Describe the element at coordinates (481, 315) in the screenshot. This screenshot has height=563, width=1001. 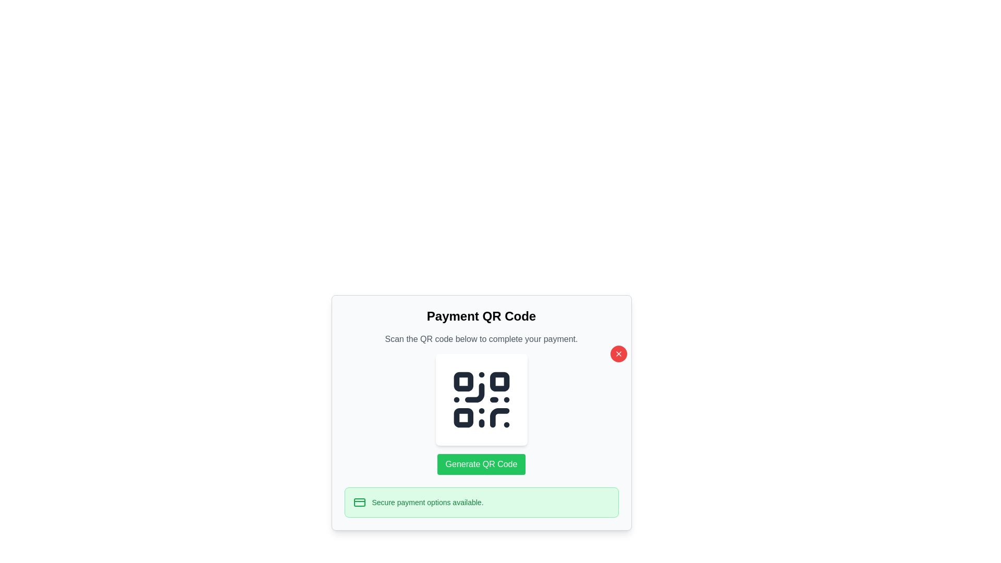
I see `the 'Payment QR Code' title text element, which is displayed in a bold, large font at the top of the payment-related modal` at that location.